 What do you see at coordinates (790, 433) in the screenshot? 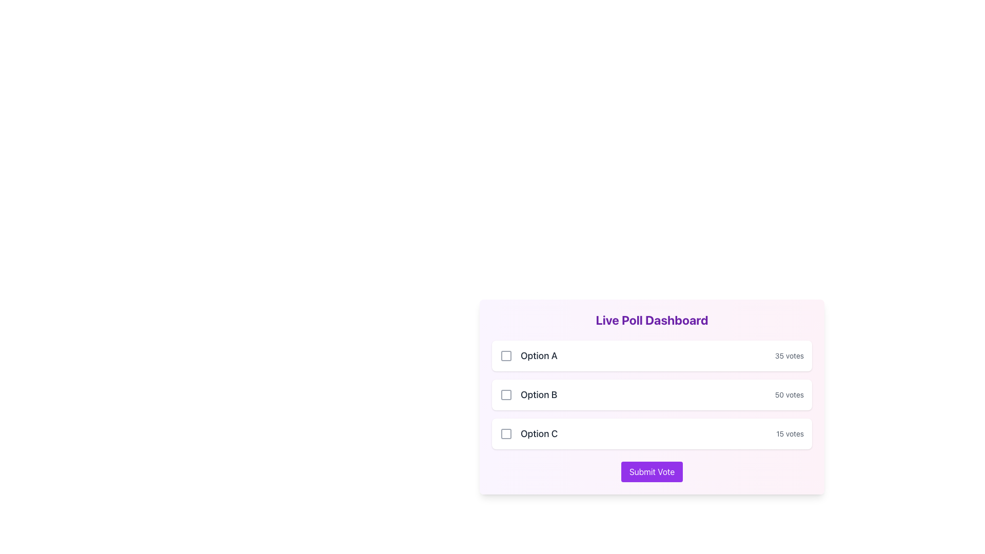
I see `the Label displaying '15 votes' in a small, gray font located in the lower section of Option C, on the far right next to other textual indicators` at bounding box center [790, 433].